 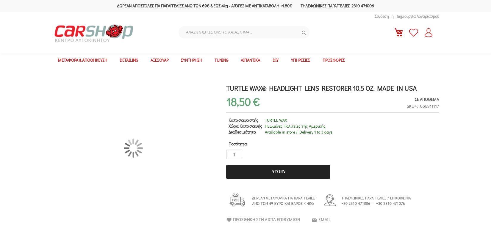 What do you see at coordinates (275, 60) in the screenshot?
I see `'DIY'` at bounding box center [275, 60].